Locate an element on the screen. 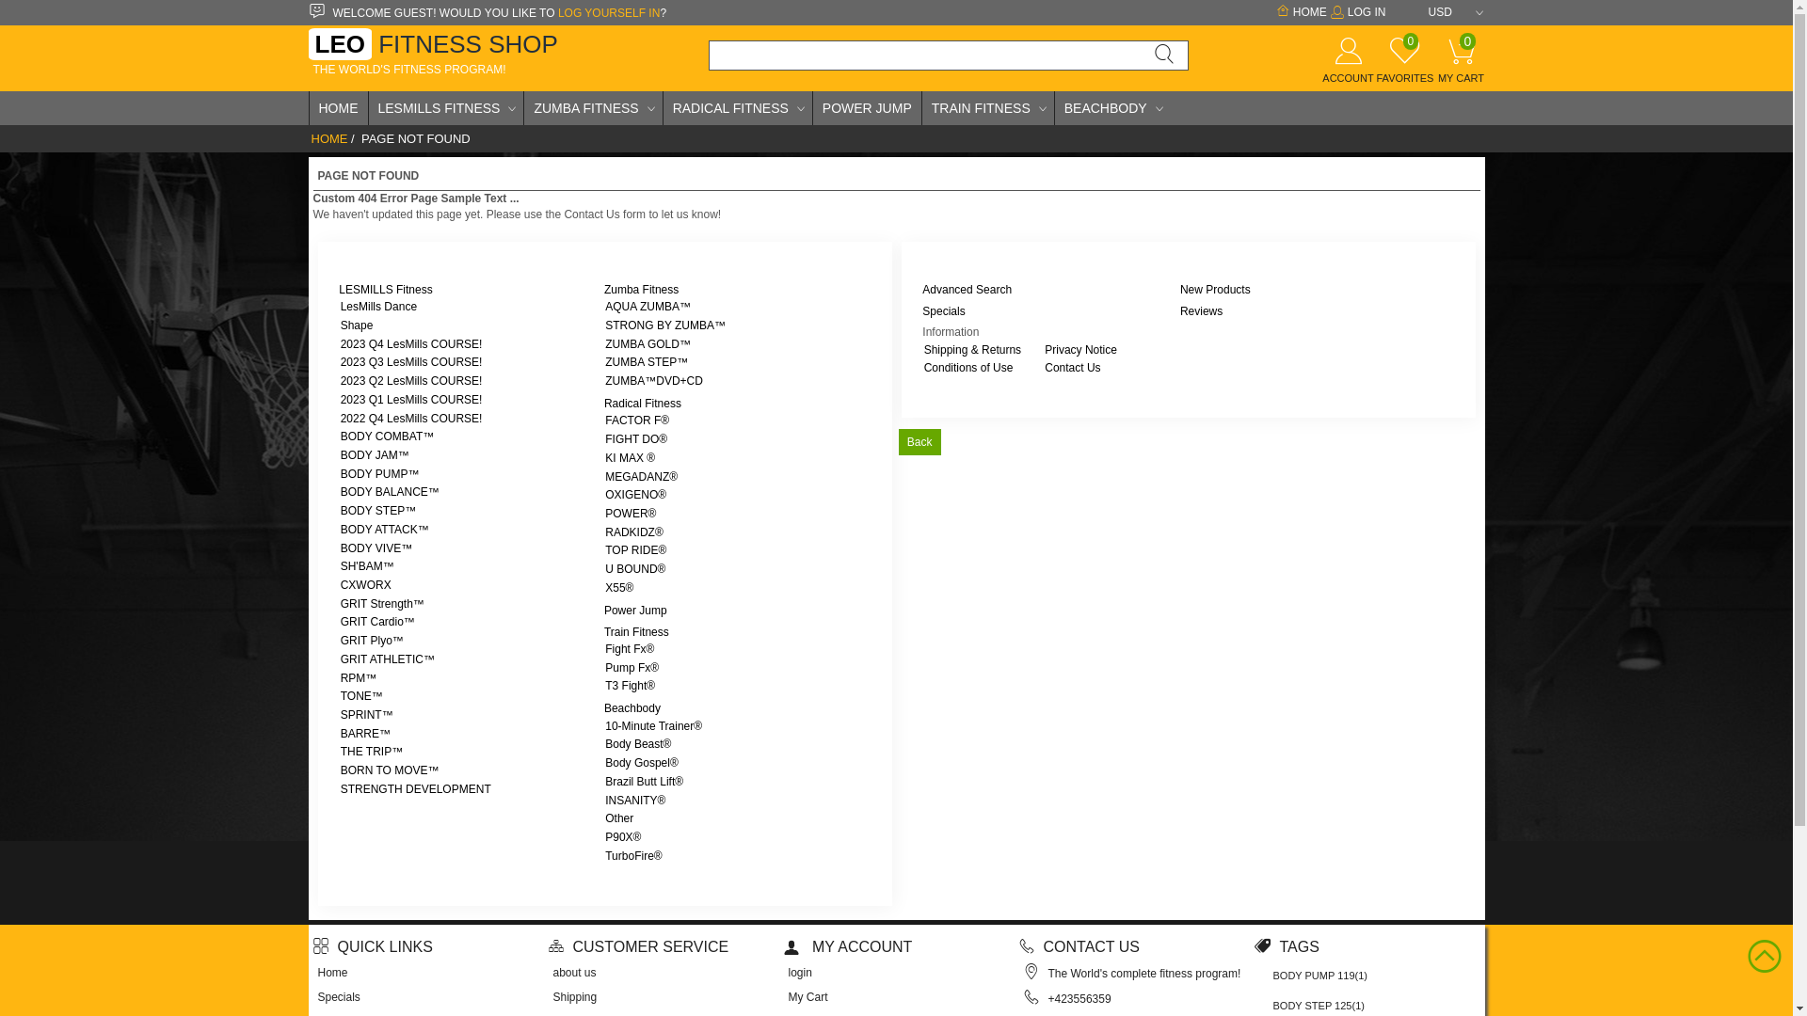  'Radical Fitness' is located at coordinates (642, 402).